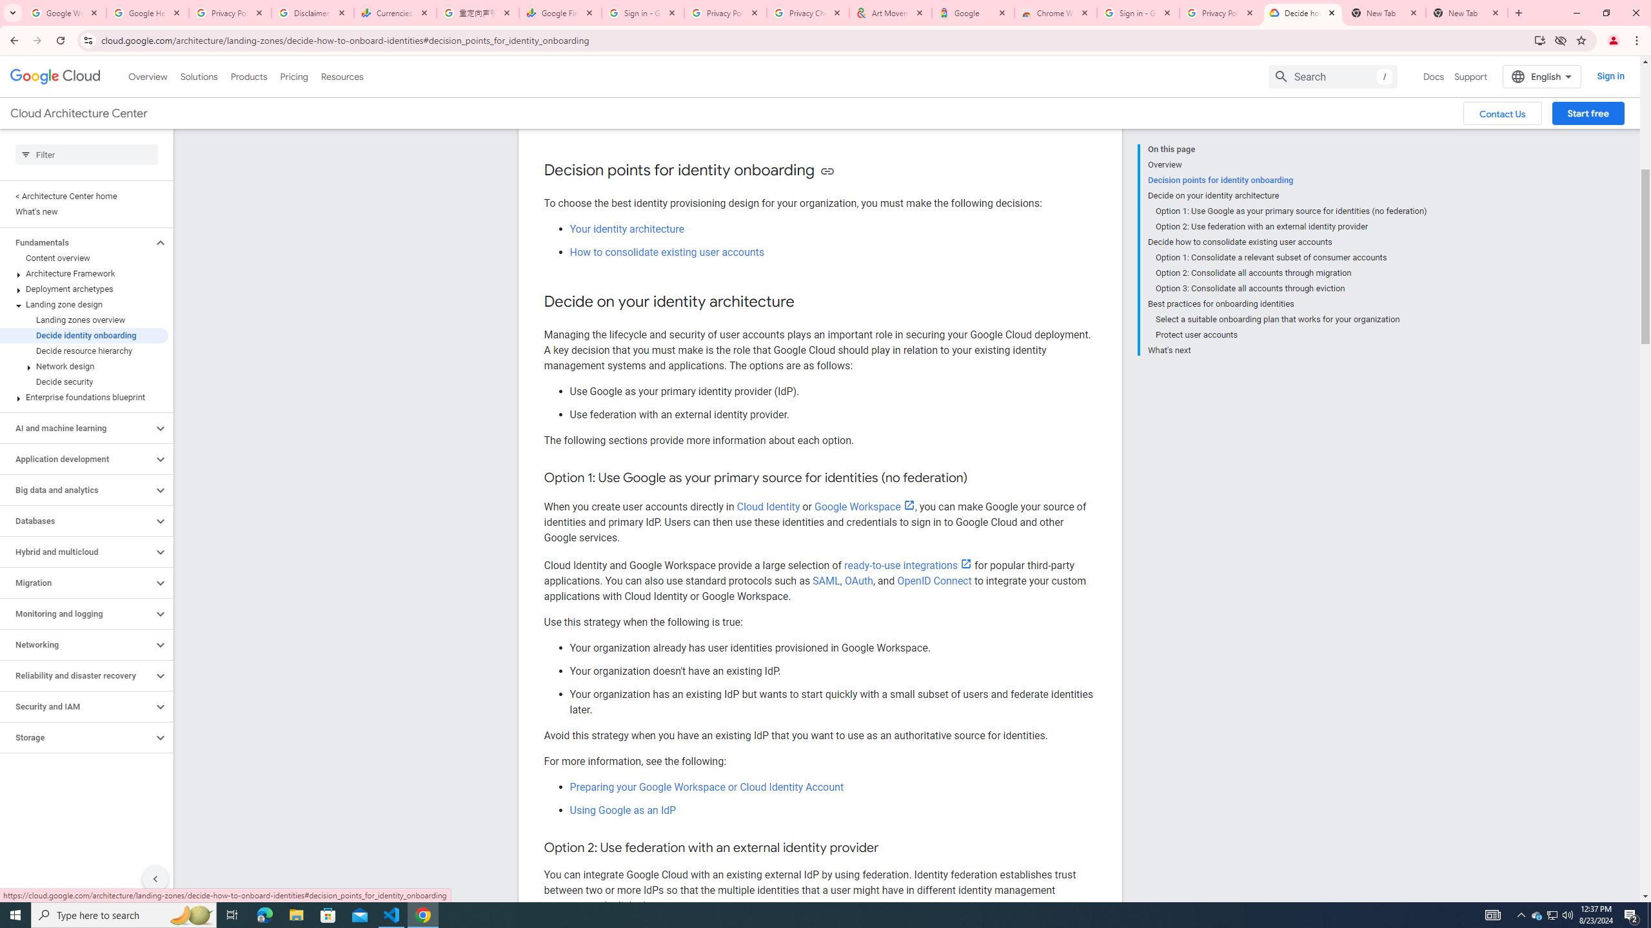  What do you see at coordinates (76, 551) in the screenshot?
I see `'Hybrid and multicloud'` at bounding box center [76, 551].